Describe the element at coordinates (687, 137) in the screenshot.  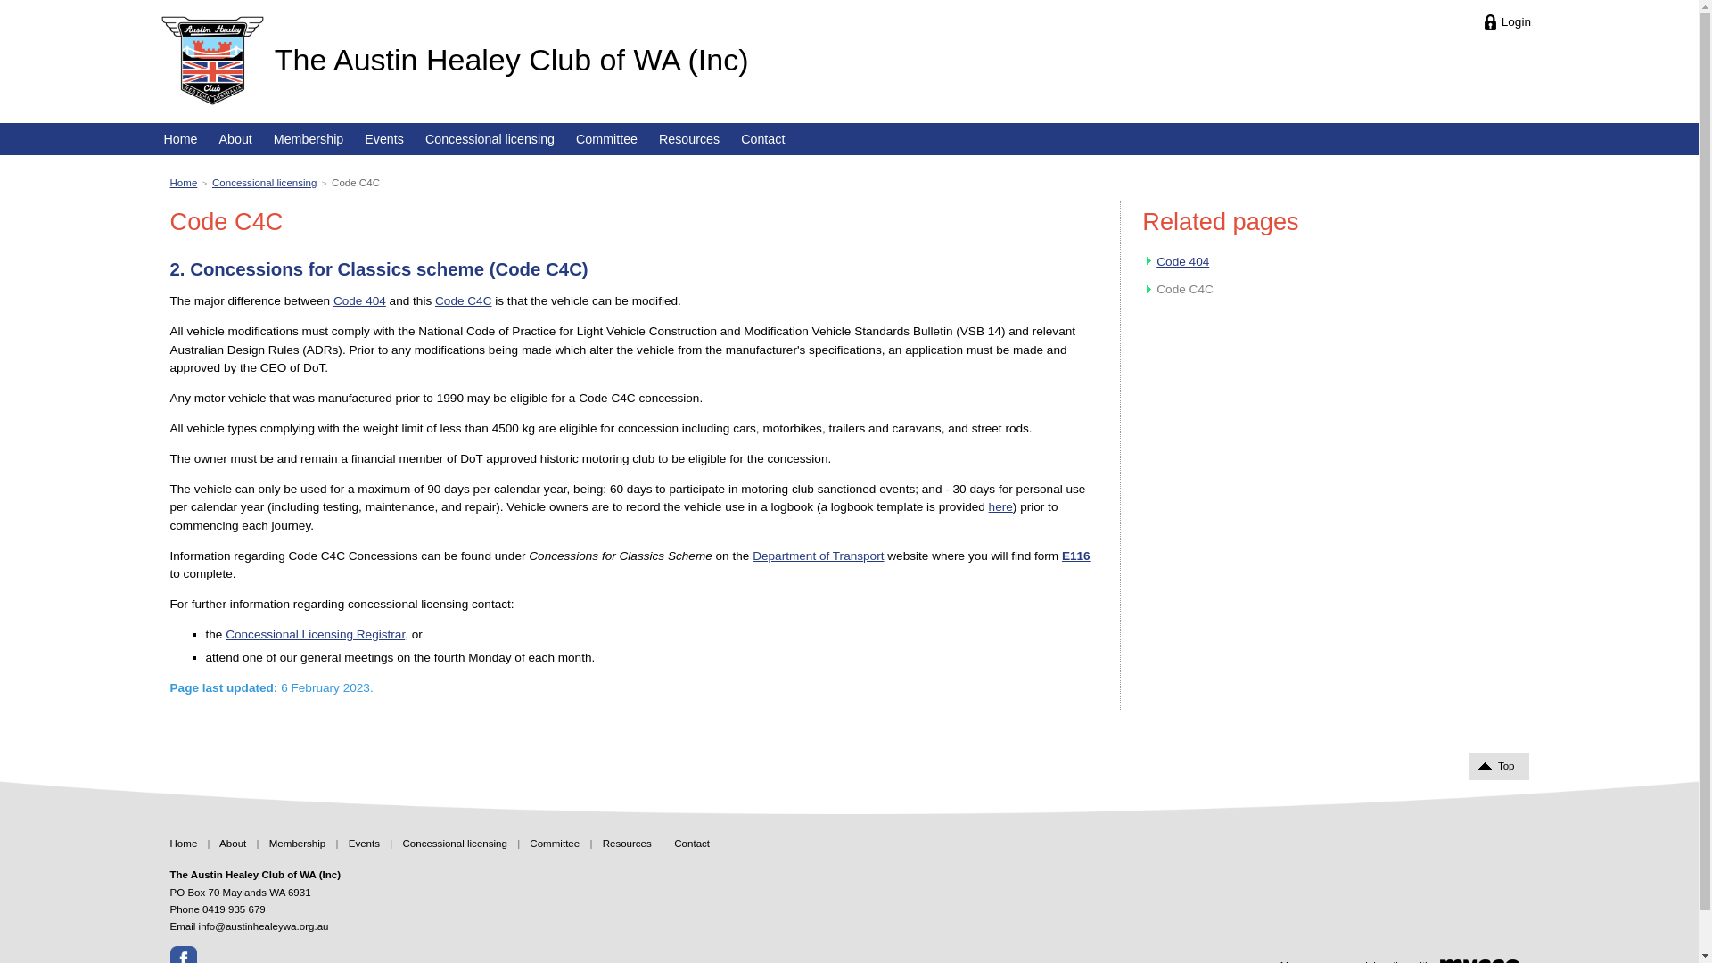
I see `'Resources'` at that location.